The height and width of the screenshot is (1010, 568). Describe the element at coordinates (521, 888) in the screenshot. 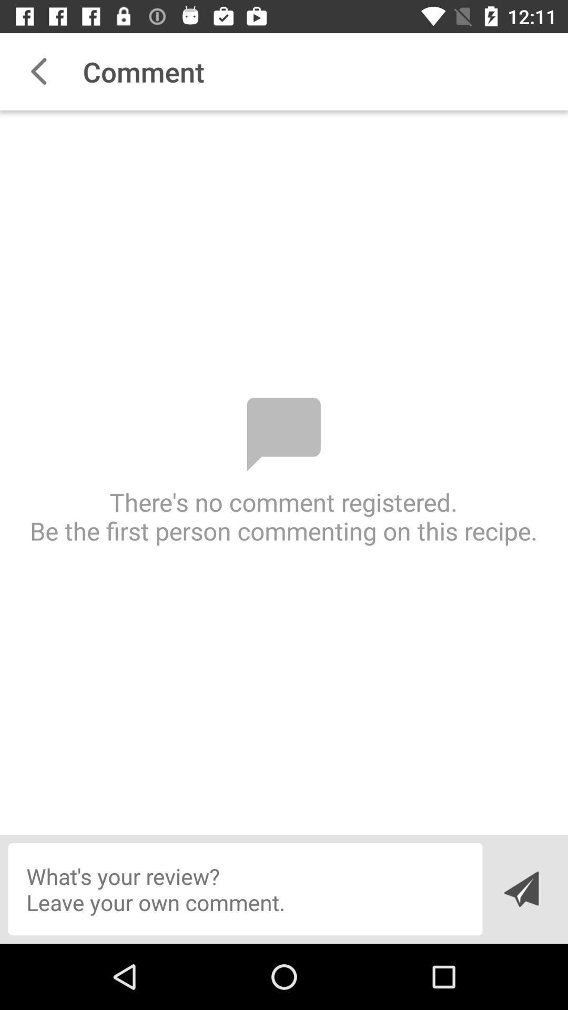

I see `send message` at that location.